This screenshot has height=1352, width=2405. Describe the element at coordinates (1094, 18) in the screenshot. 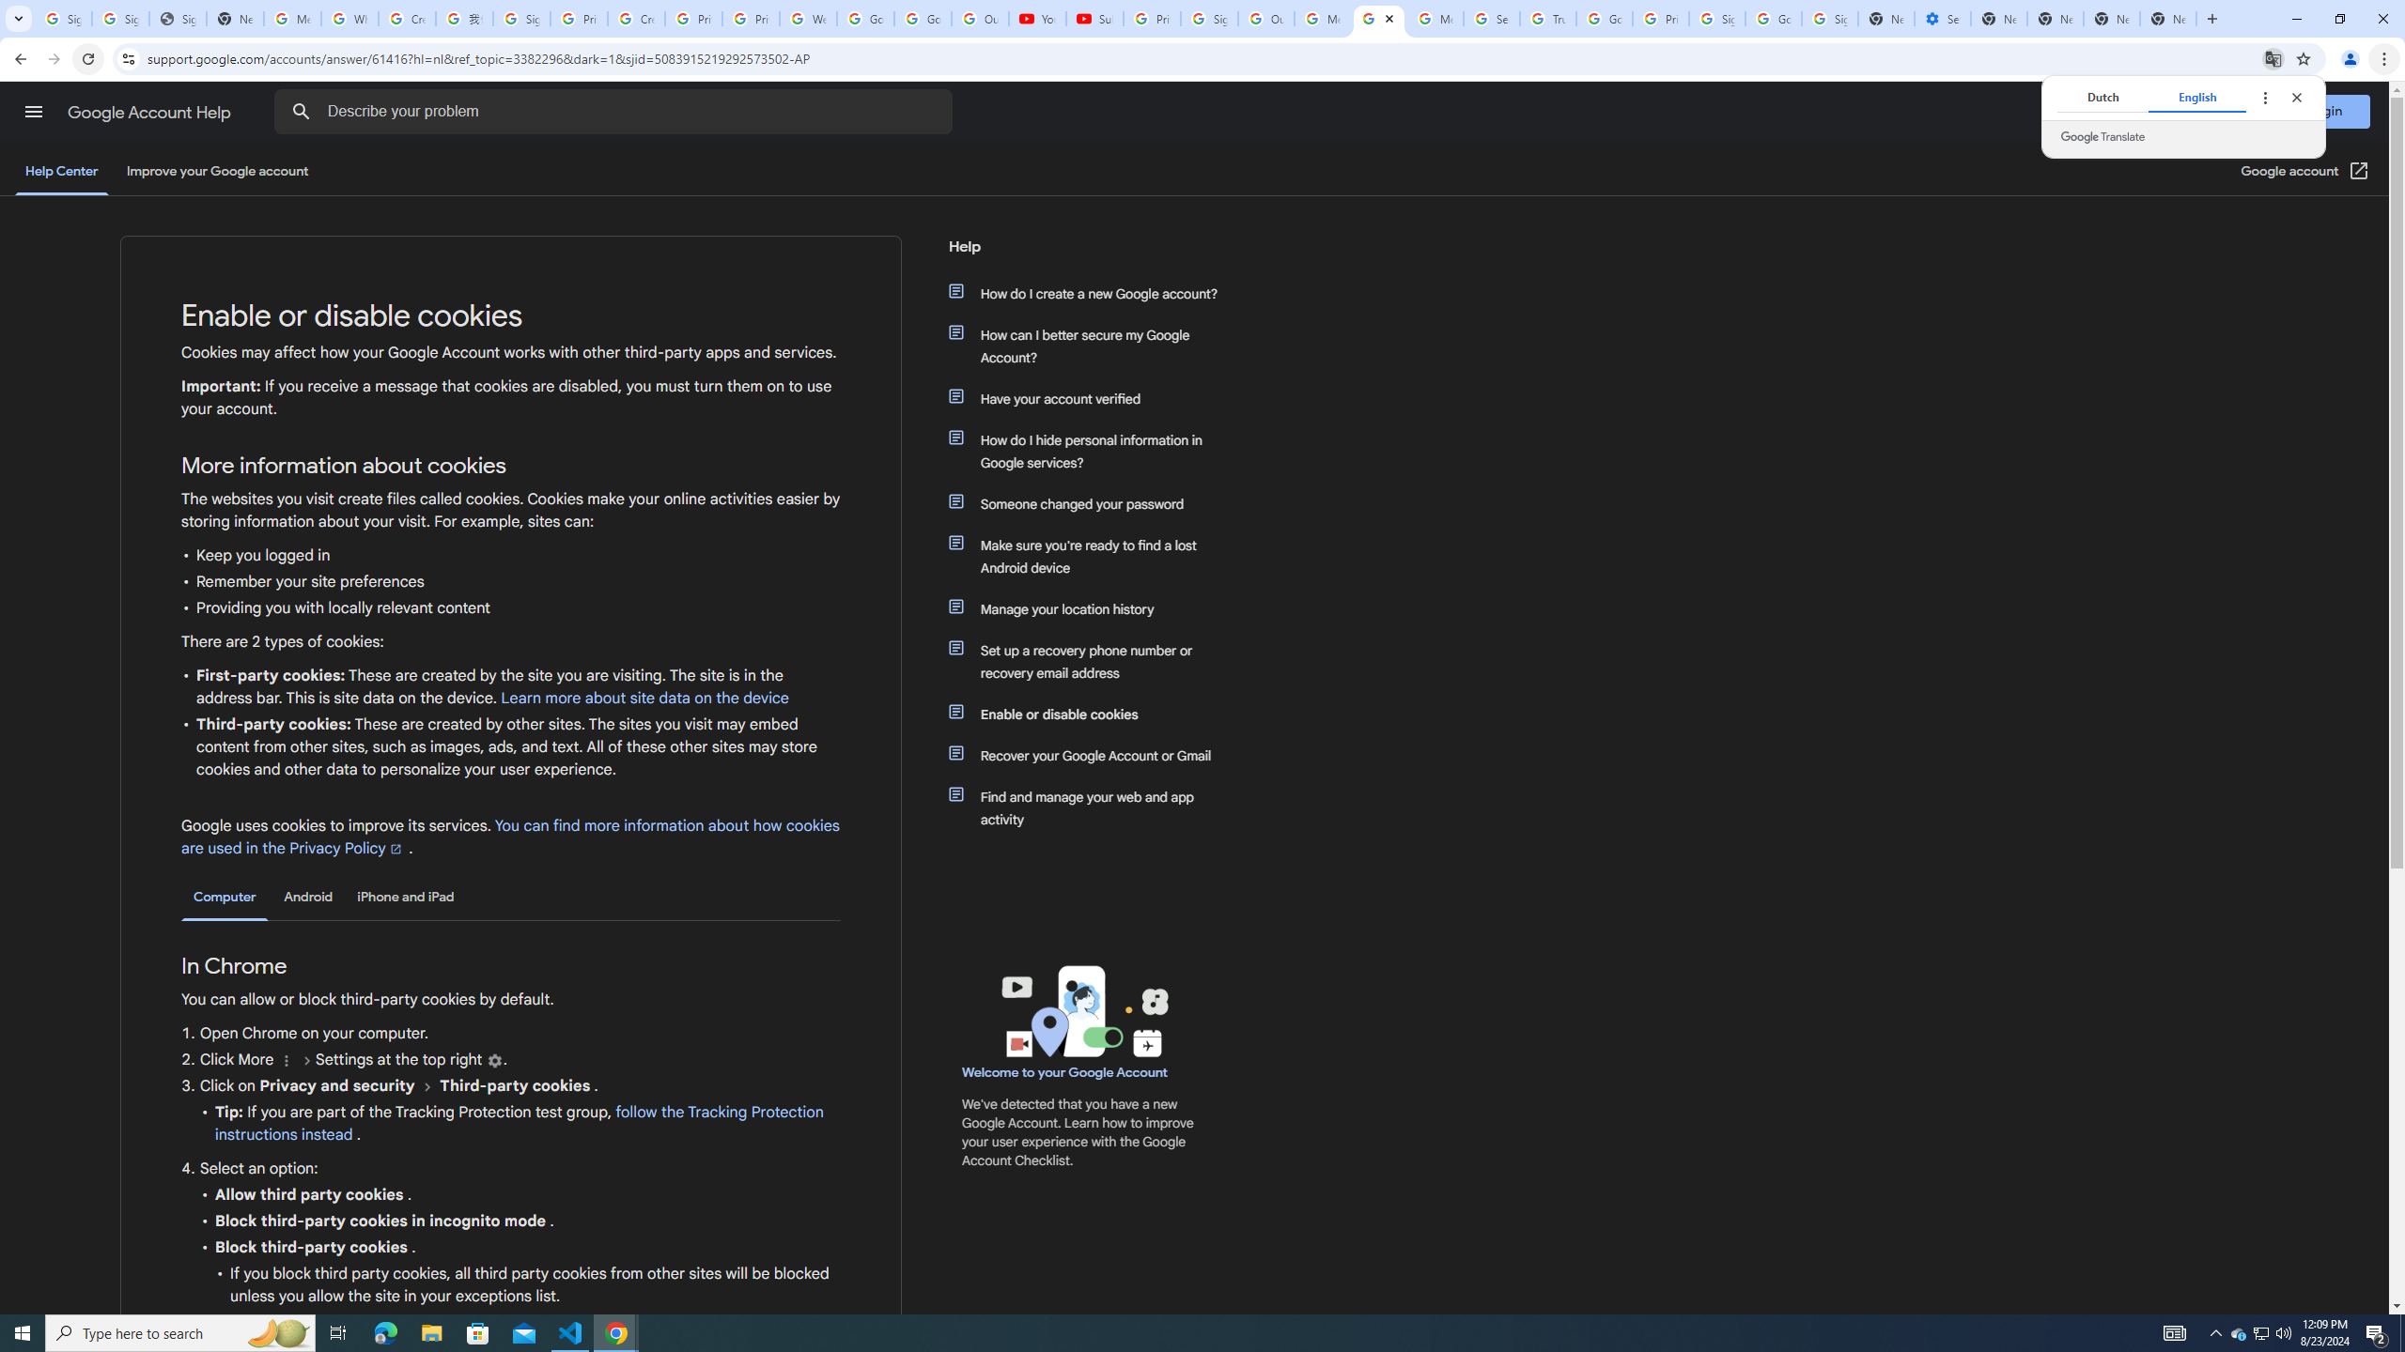

I see `'Subscriptions - YouTube'` at that location.